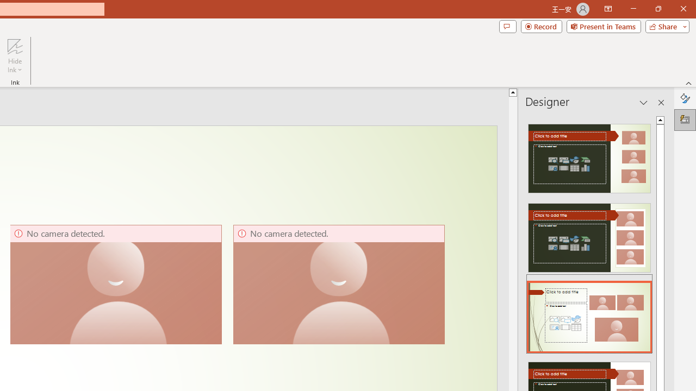  I want to click on 'Design Idea', so click(589, 313).